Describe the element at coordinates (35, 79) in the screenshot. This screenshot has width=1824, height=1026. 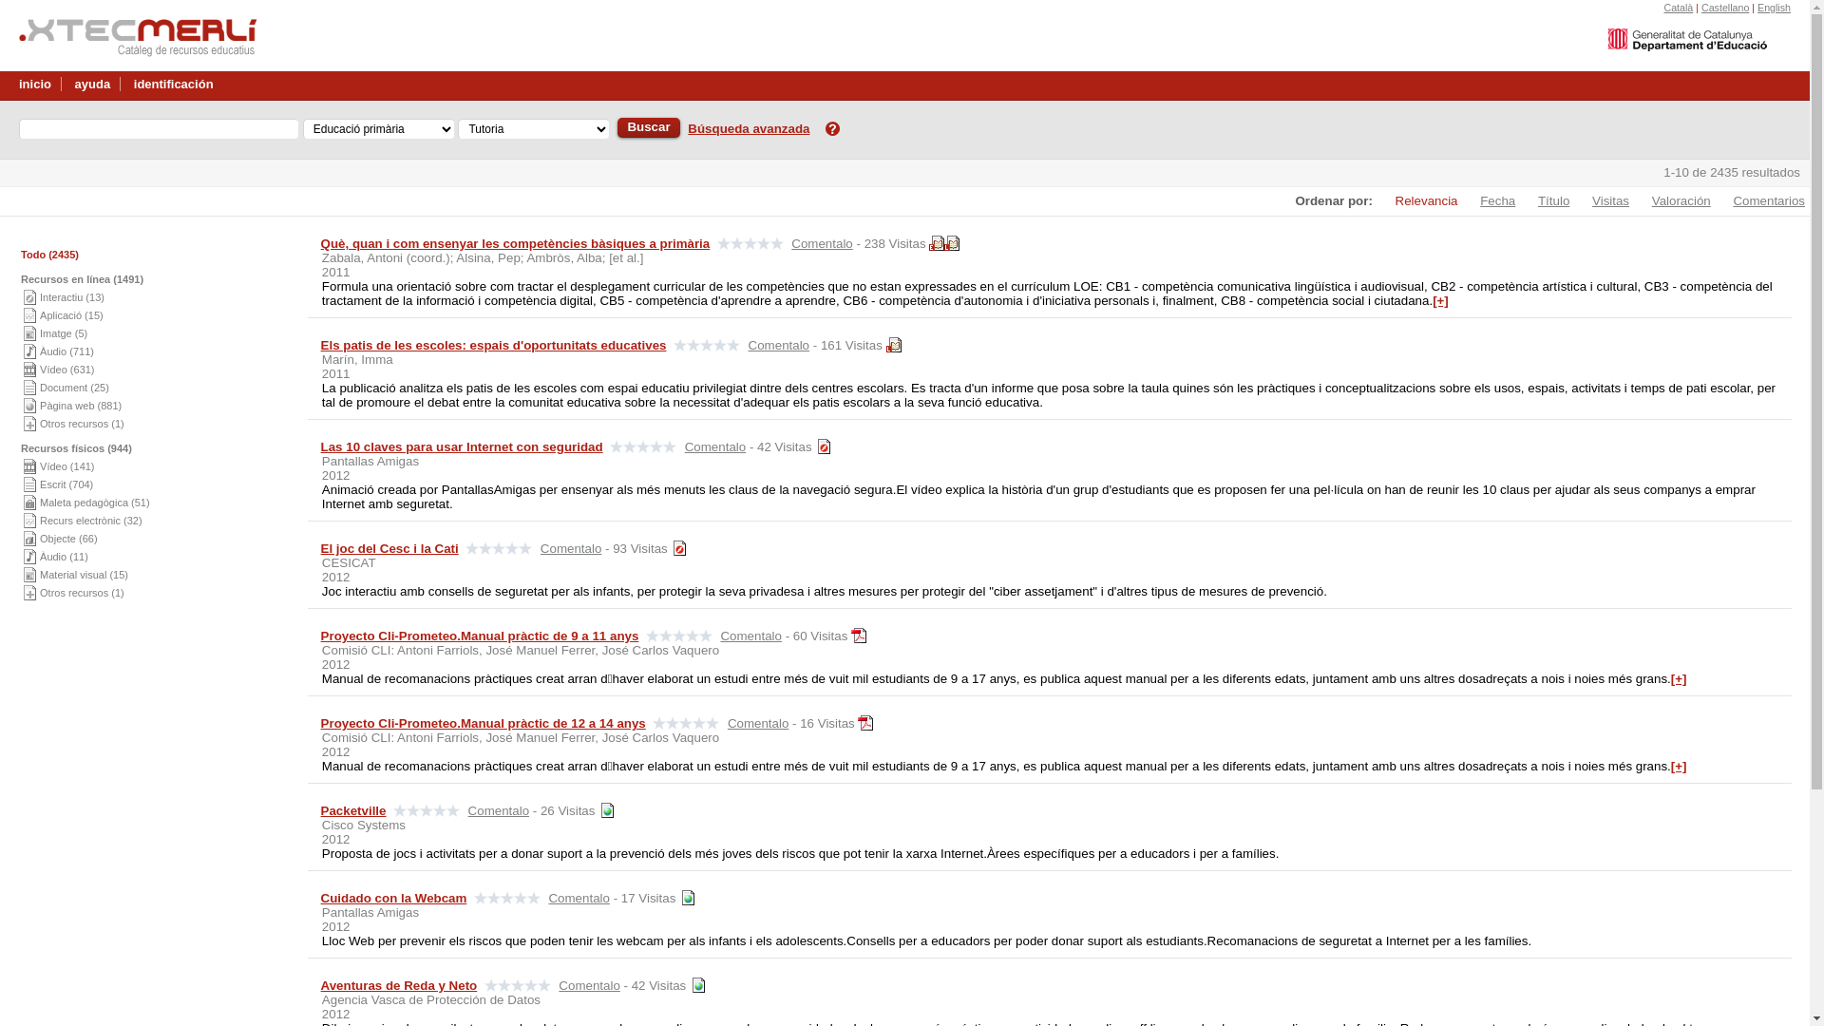
I see `'inicio'` at that location.